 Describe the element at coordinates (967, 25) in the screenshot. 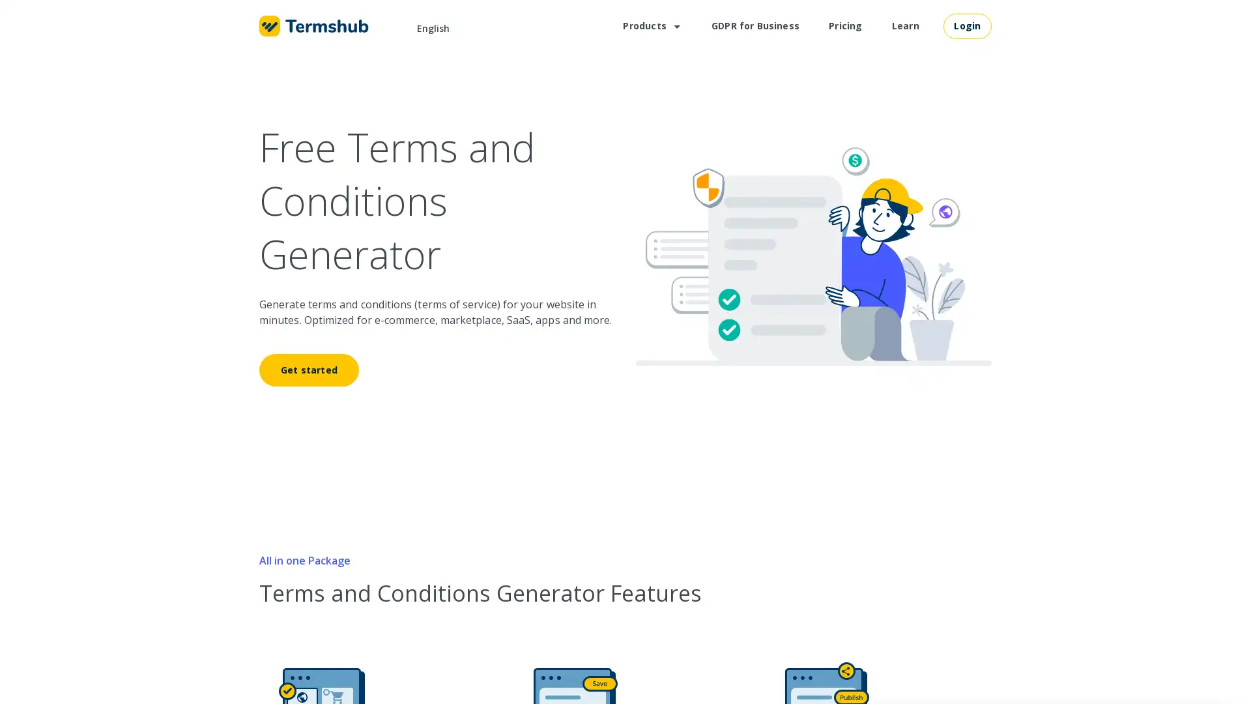

I see `Login` at that location.